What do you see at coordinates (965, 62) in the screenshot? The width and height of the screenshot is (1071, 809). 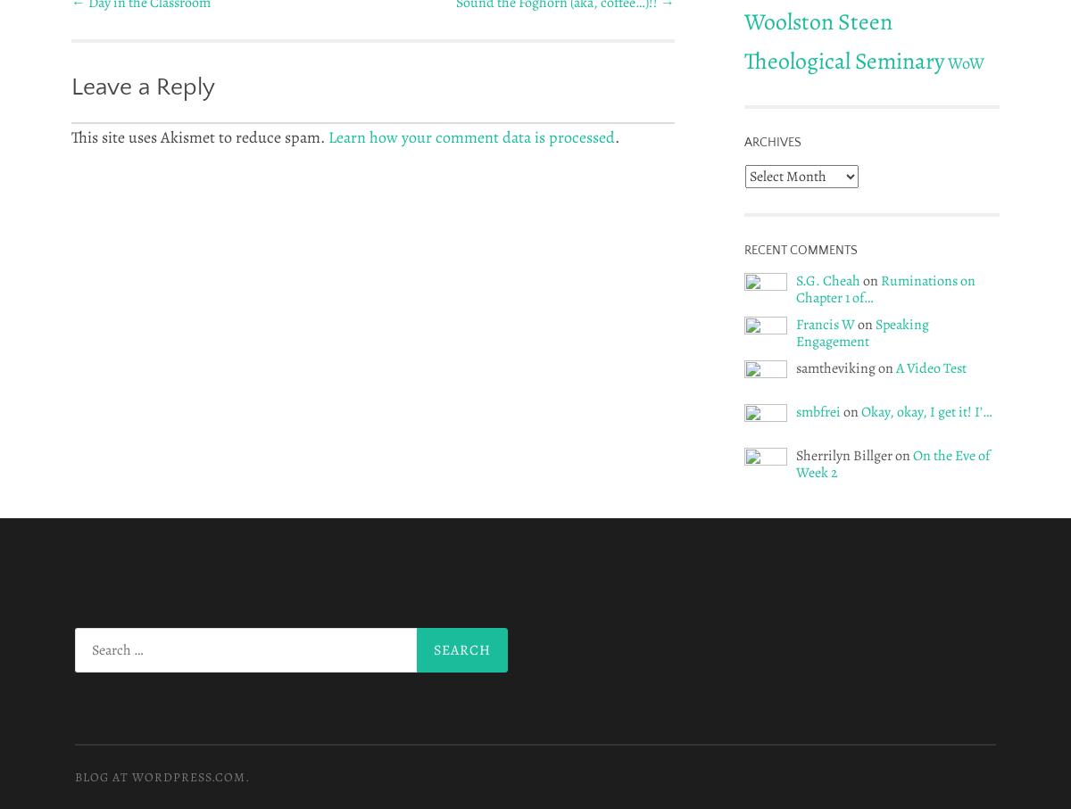 I see `'WoW'` at bounding box center [965, 62].